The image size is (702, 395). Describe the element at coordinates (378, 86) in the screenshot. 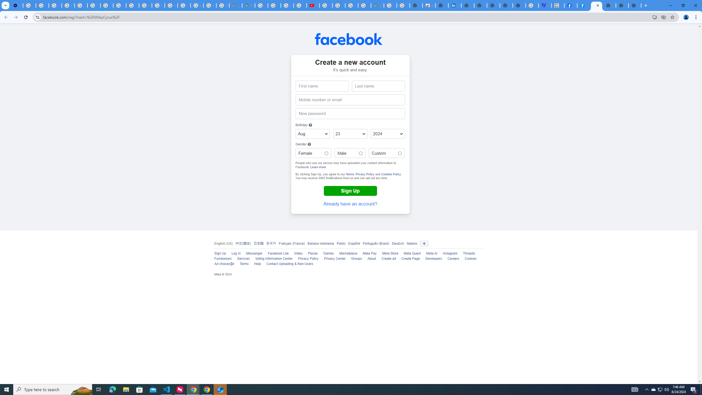

I see `'Last name'` at that location.